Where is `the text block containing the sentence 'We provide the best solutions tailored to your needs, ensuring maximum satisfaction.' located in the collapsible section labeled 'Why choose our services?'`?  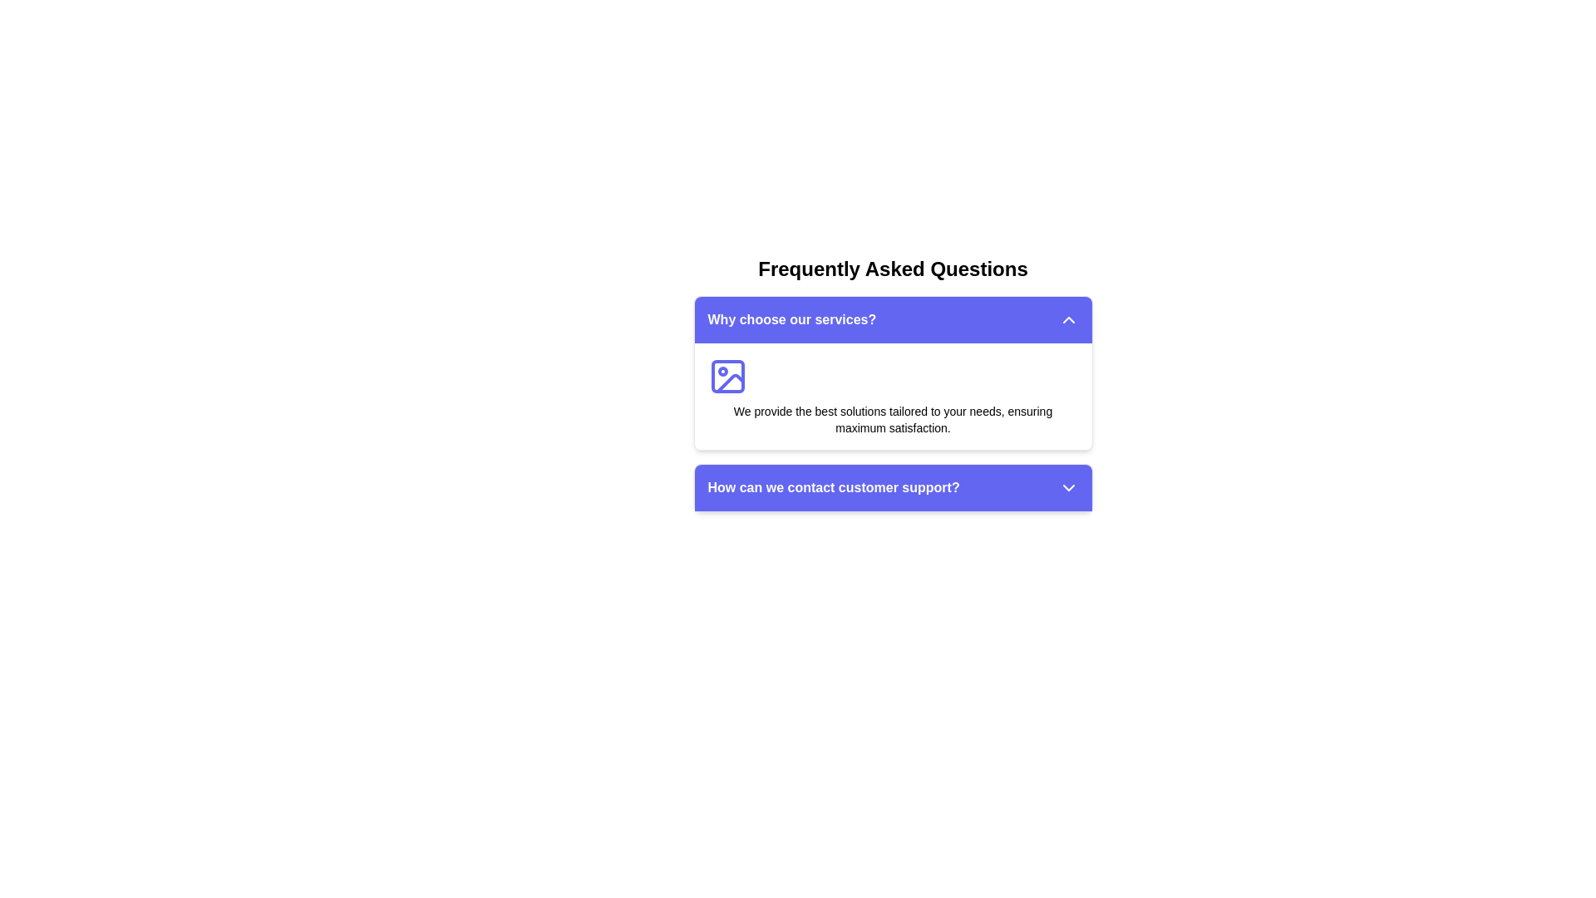 the text block containing the sentence 'We provide the best solutions tailored to your needs, ensuring maximum satisfaction.' located in the collapsible section labeled 'Why choose our services?' is located at coordinates (892, 419).